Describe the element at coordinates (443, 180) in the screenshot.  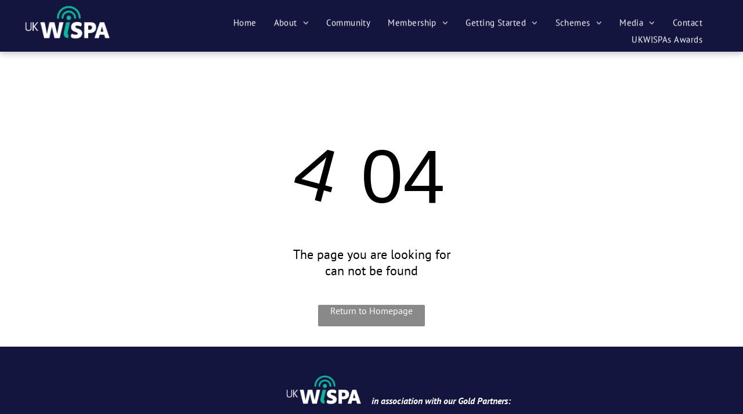
I see `'Membership Agreement'` at that location.